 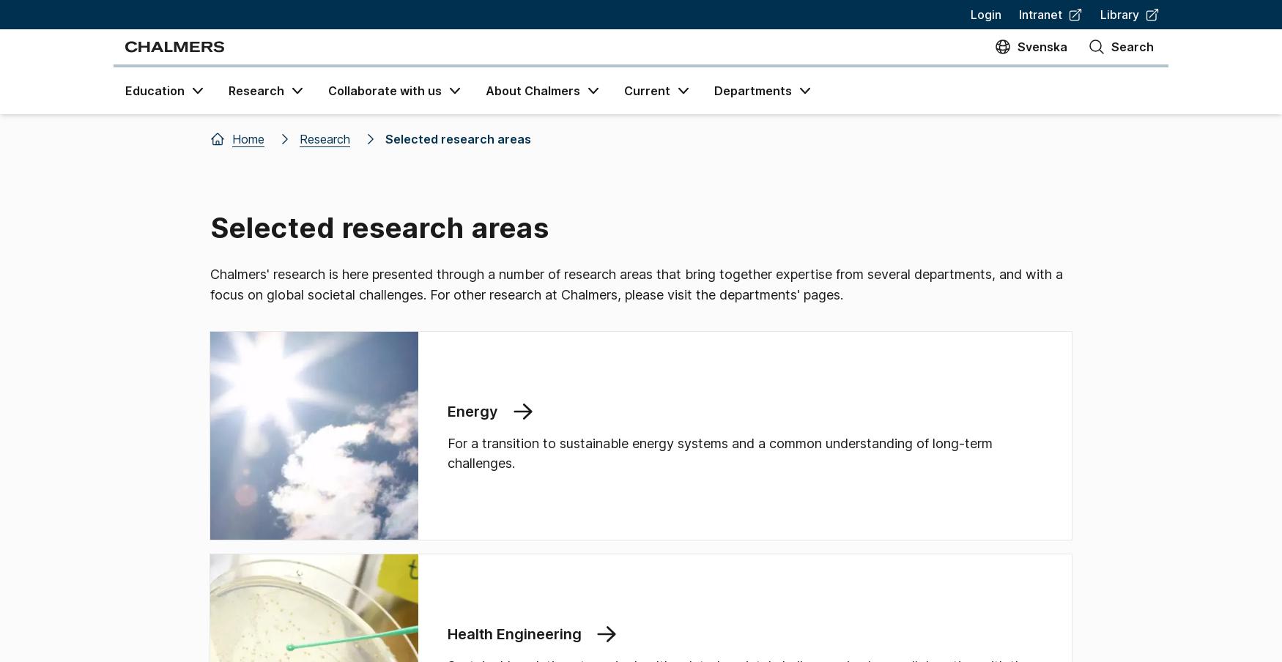 I want to click on 'Current', so click(x=646, y=90).